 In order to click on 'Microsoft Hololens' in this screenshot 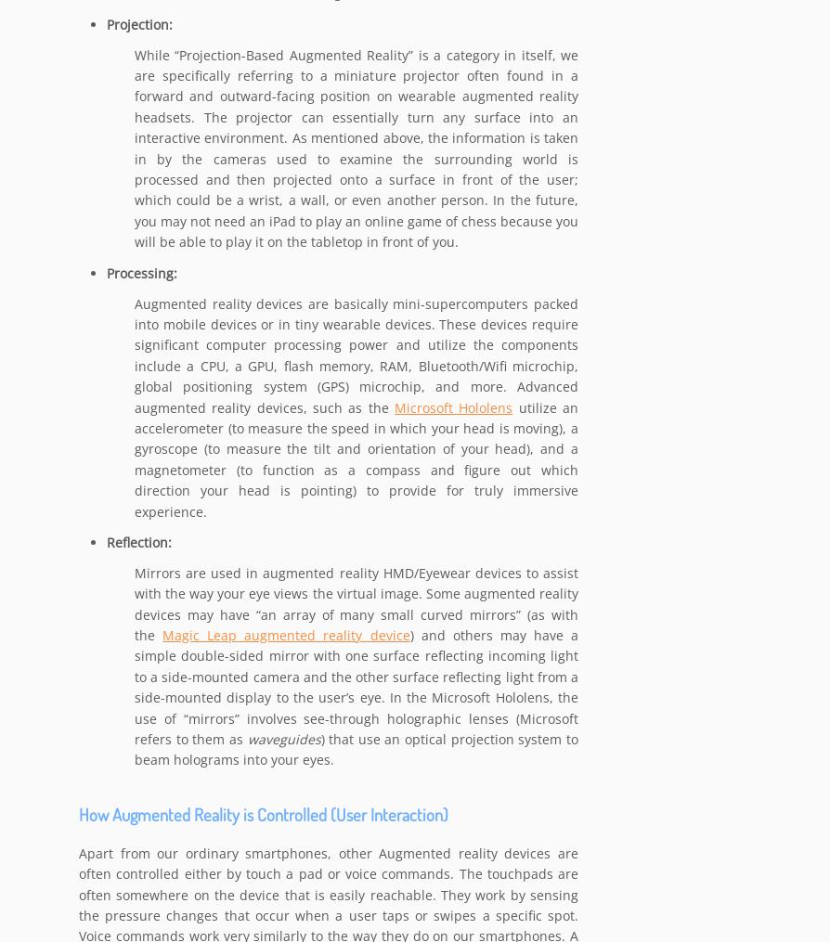, I will do `click(453, 407)`.